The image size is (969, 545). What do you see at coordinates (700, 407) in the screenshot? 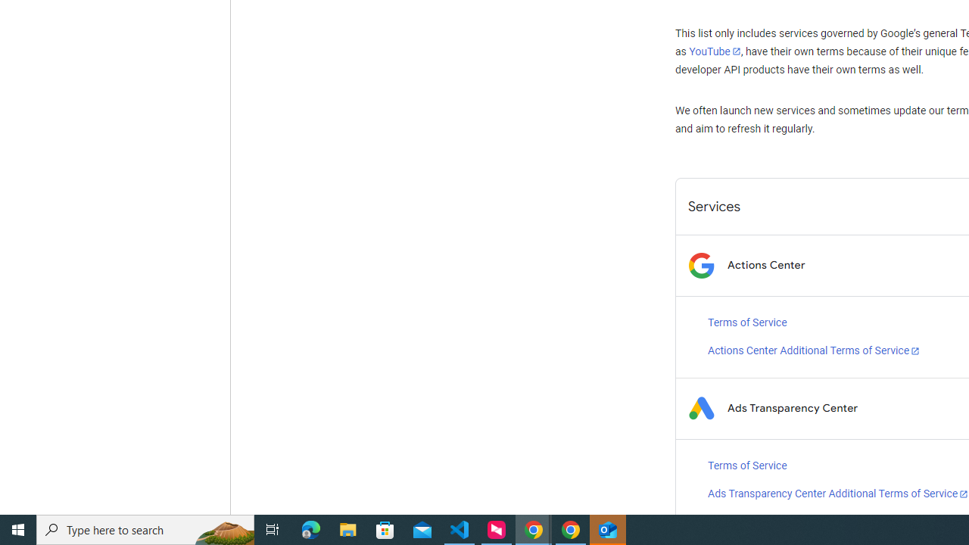
I see `'Logo for Ads Transparency Center'` at bounding box center [700, 407].